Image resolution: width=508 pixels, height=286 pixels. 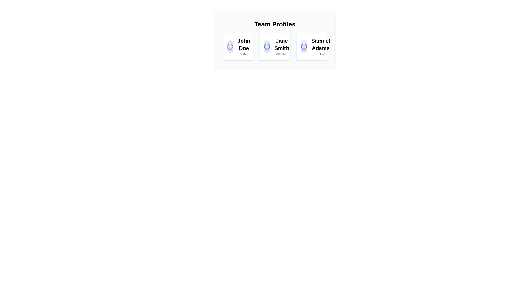 I want to click on the profile card displaying 'John Doe' and status 'Active', located at the top-left of the grid layout, so click(x=238, y=46).